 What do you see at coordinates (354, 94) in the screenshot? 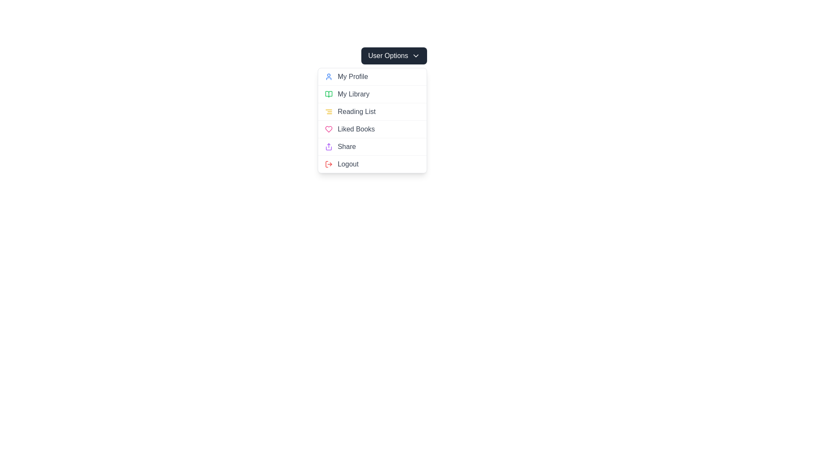
I see `the Text label in the dropdown menu, which is the second item after 'My Profile' and above 'Reading List'` at bounding box center [354, 94].